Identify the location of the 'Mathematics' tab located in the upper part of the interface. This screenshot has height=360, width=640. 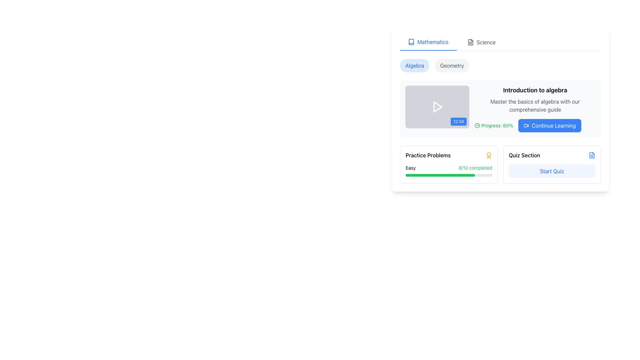
(428, 42).